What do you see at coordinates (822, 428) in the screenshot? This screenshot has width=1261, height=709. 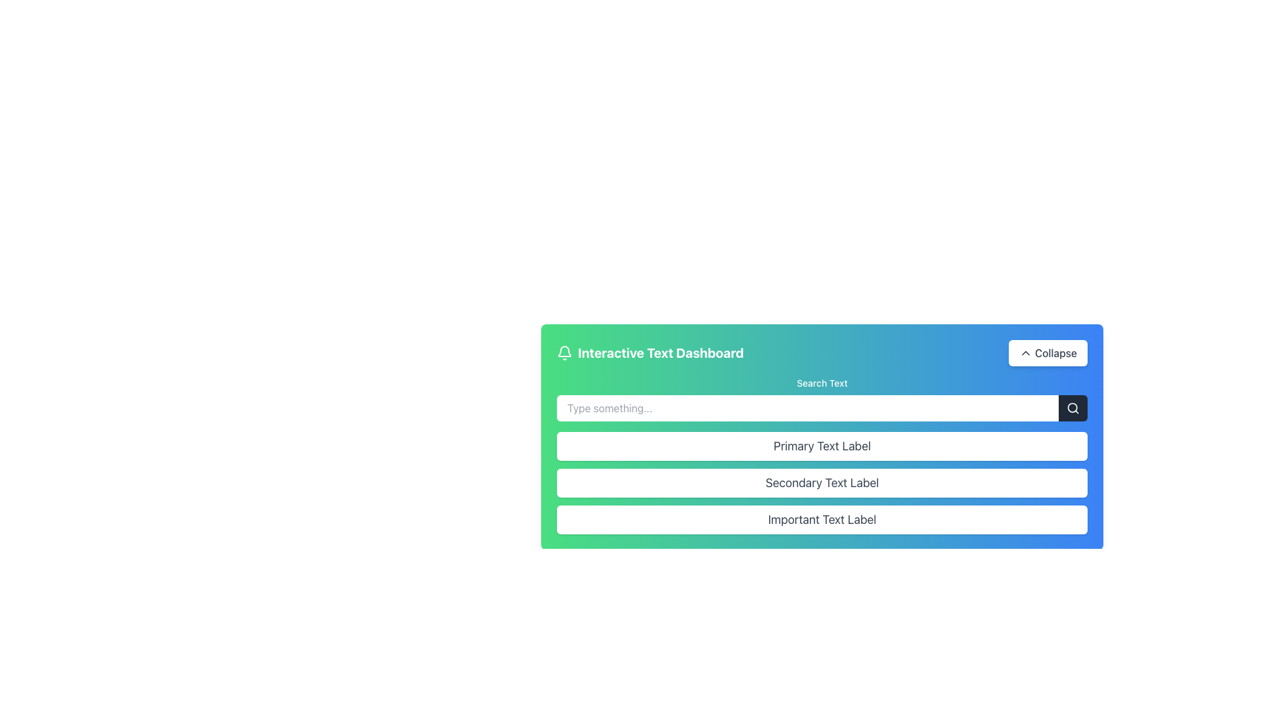 I see `text content of the Text Label located in the middle section of the dashboard interface, beneath the search input field` at bounding box center [822, 428].